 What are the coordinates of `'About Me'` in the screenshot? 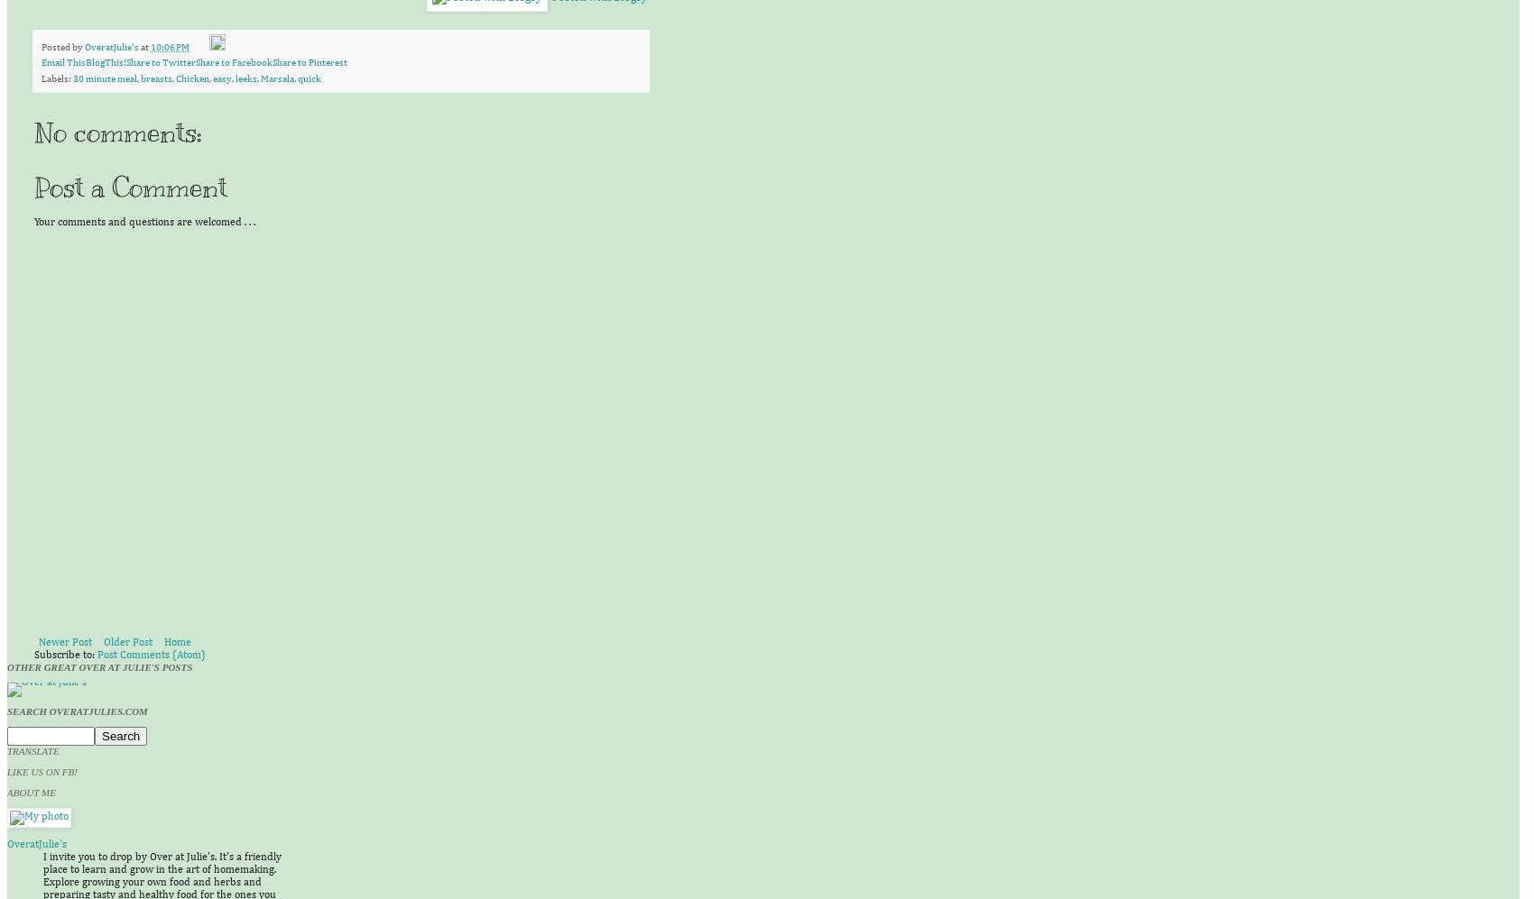 It's located at (31, 791).